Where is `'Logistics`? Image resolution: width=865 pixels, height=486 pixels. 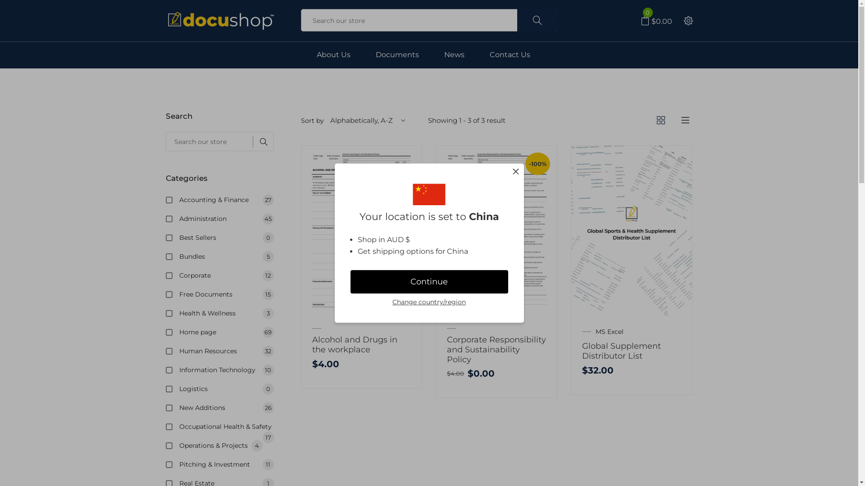 'Logistics is located at coordinates (227, 388).